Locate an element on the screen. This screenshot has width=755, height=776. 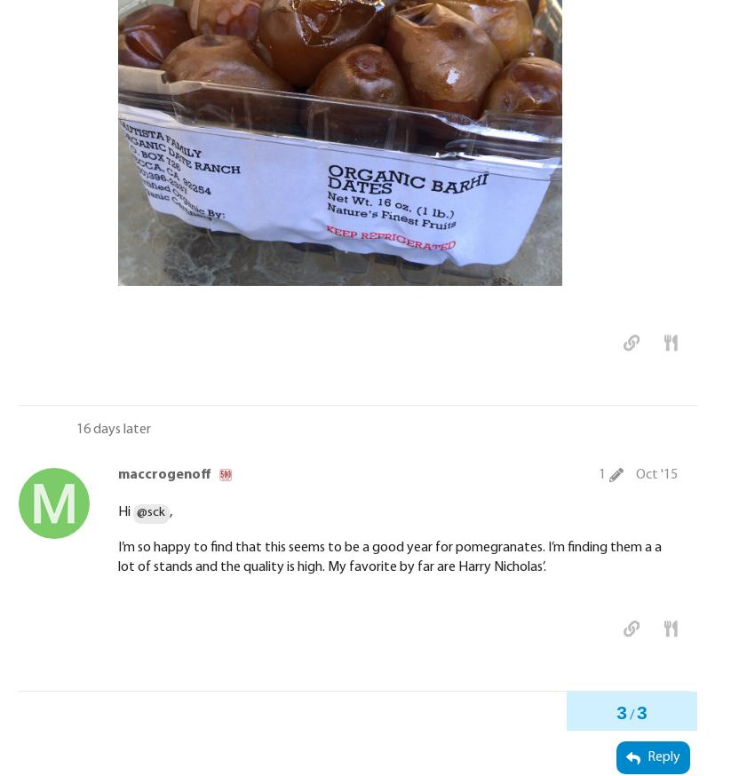
'Oct '15' is located at coordinates (635, 474).